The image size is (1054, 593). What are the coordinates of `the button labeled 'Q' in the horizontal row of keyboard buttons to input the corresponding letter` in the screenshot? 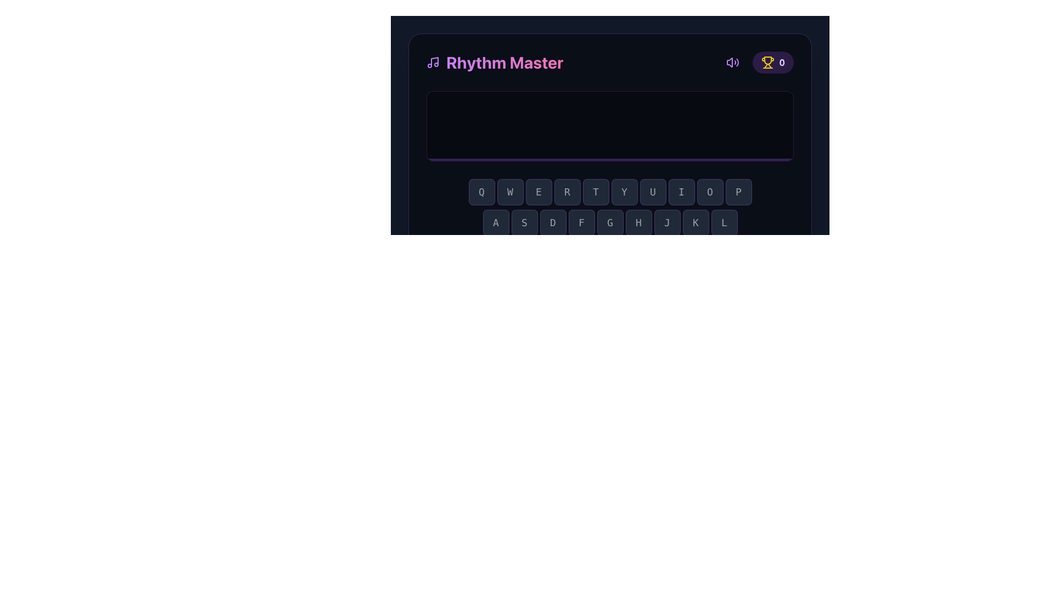 It's located at (609, 192).